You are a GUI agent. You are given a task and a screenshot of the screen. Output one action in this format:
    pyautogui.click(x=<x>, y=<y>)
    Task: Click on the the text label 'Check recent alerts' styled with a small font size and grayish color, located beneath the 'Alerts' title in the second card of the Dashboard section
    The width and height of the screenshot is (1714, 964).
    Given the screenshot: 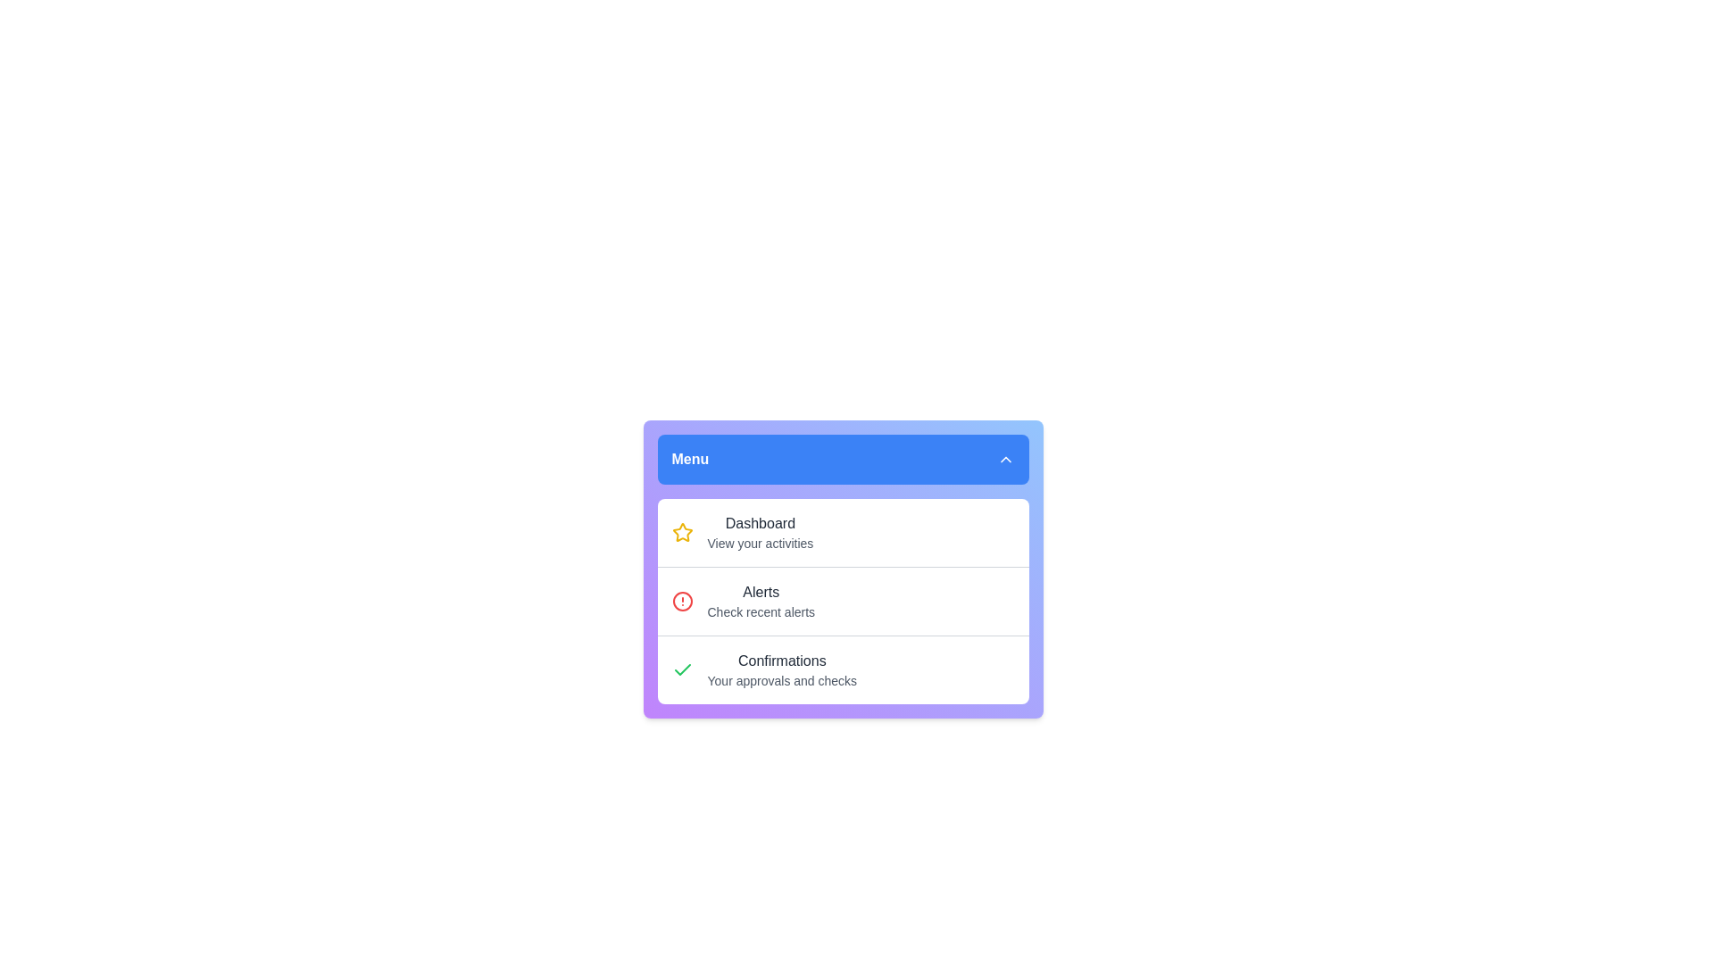 What is the action you would take?
    pyautogui.click(x=761, y=611)
    